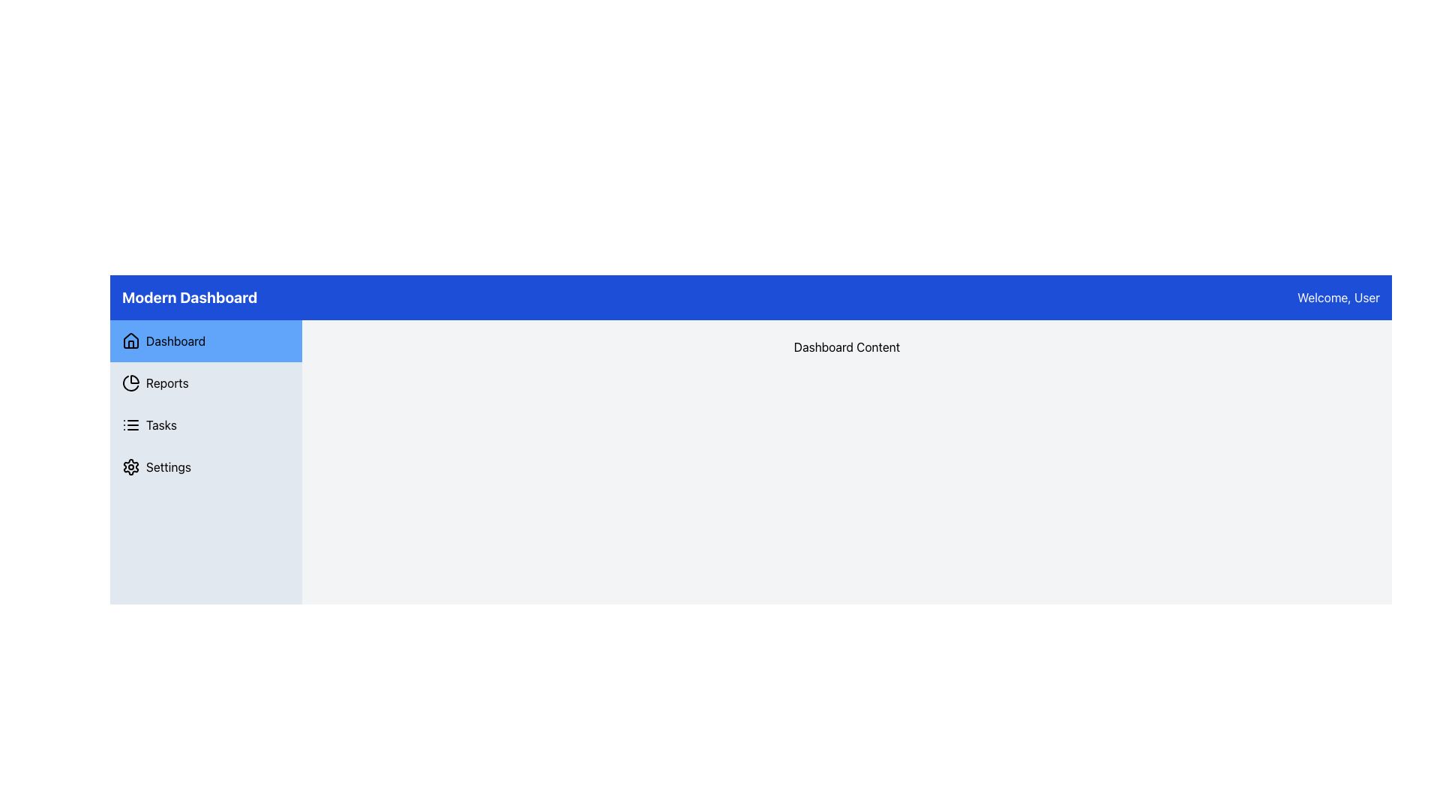 The width and height of the screenshot is (1440, 810). I want to click on the 'Settings' text label located at the bottom of the navigation sidebar, which is the fourth item in the vertical sequence, so click(169, 466).